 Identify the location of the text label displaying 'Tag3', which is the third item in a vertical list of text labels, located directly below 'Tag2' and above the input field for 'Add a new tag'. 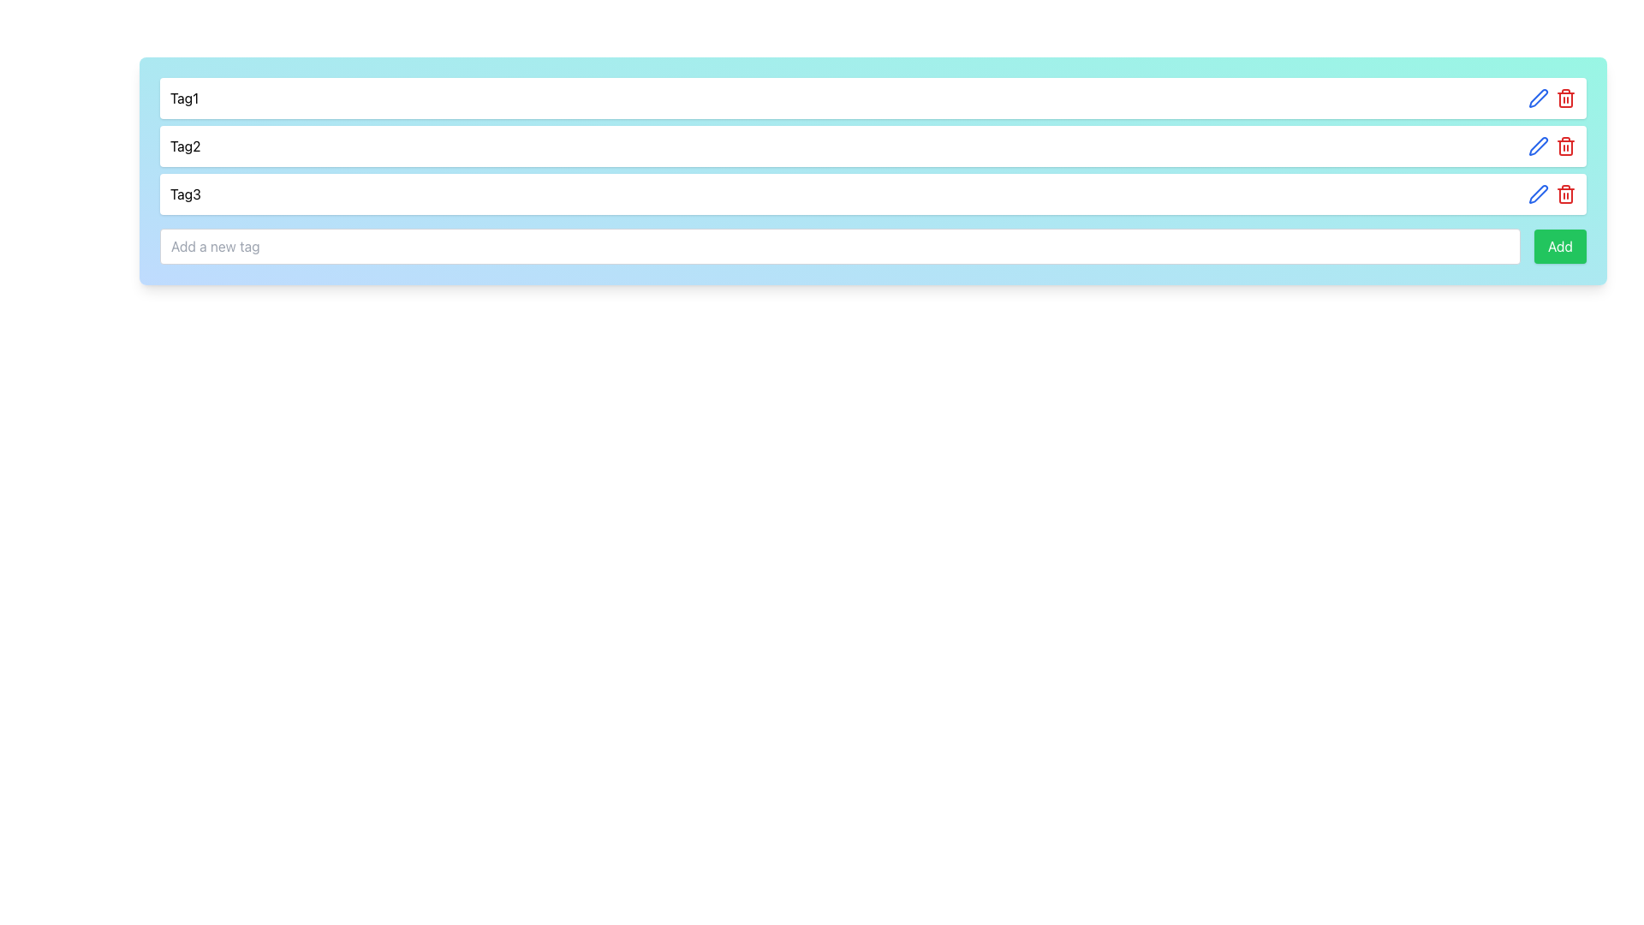
(185, 194).